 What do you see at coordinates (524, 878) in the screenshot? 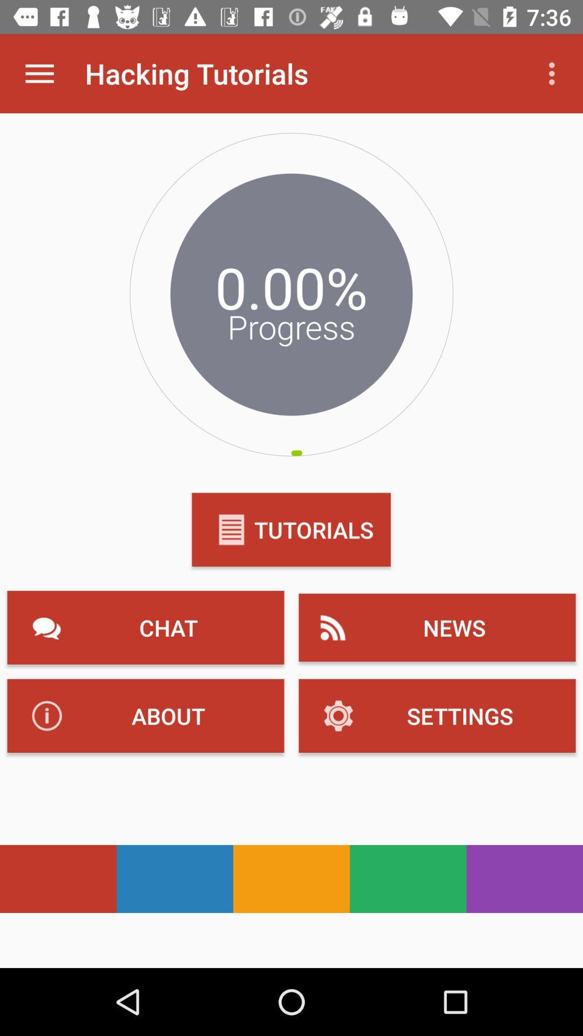
I see `purple color which is at bottom right side of the page` at bounding box center [524, 878].